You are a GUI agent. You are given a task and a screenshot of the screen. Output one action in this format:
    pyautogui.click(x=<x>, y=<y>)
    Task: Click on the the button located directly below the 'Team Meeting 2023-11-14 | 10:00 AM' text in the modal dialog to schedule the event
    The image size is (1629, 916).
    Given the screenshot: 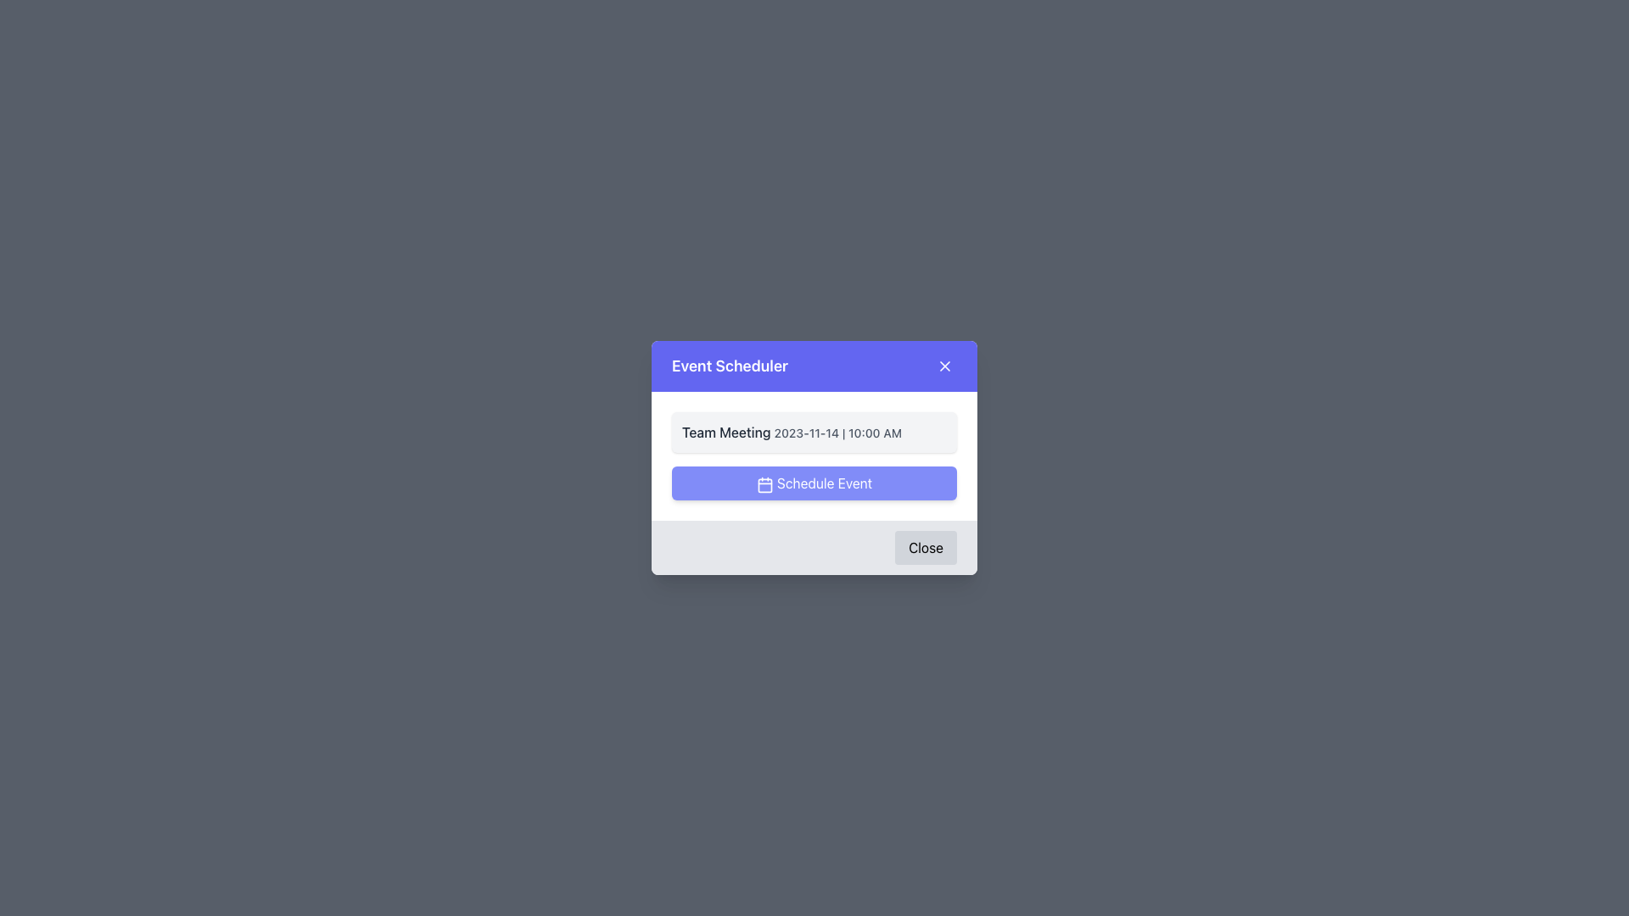 What is the action you would take?
    pyautogui.click(x=814, y=483)
    